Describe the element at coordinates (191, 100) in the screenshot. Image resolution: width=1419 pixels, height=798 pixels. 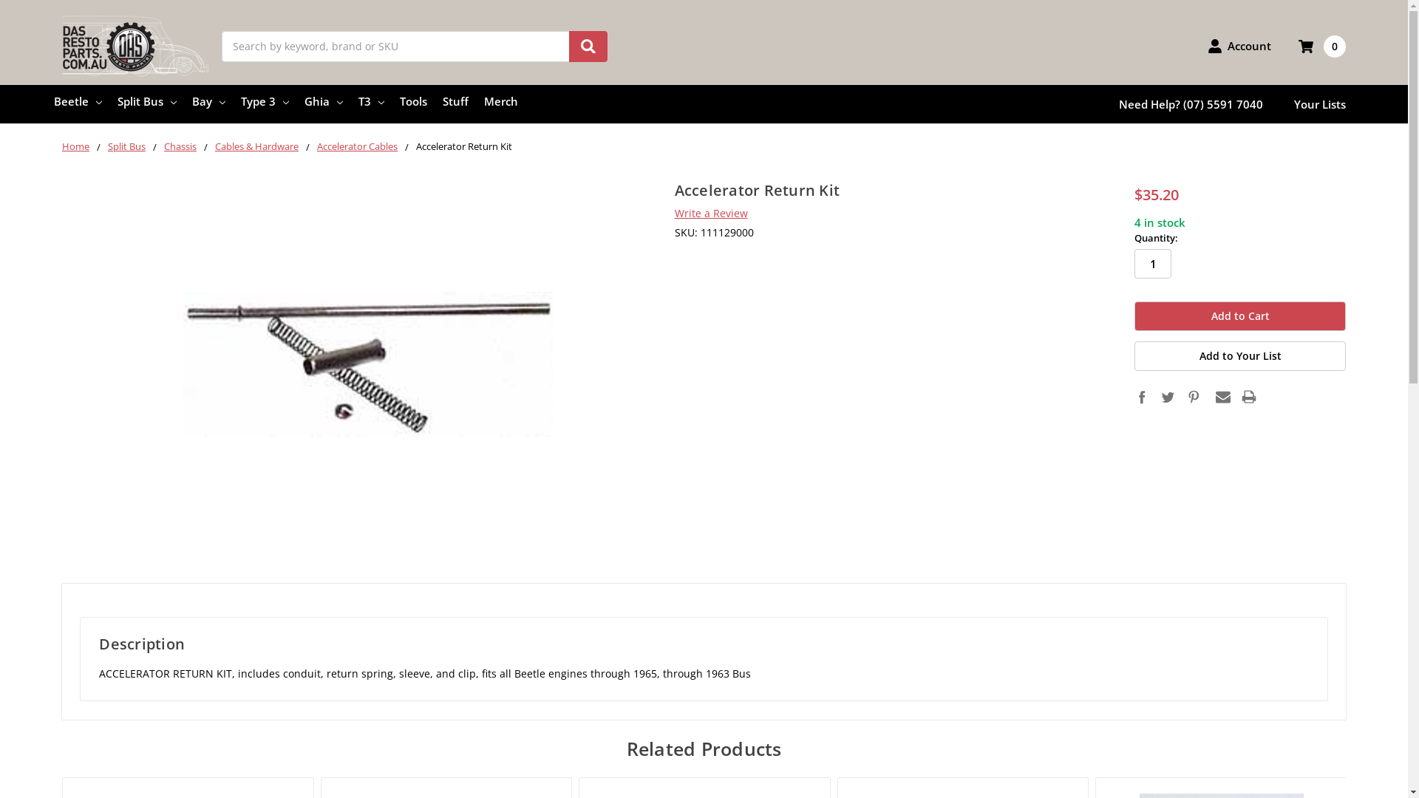
I see `'Bay'` at that location.